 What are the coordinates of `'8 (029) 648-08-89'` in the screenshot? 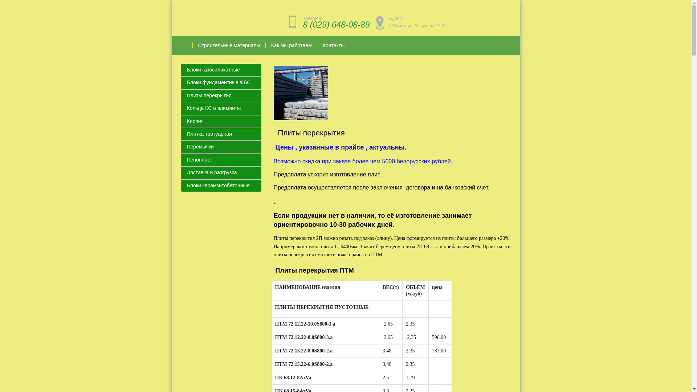 It's located at (336, 24).